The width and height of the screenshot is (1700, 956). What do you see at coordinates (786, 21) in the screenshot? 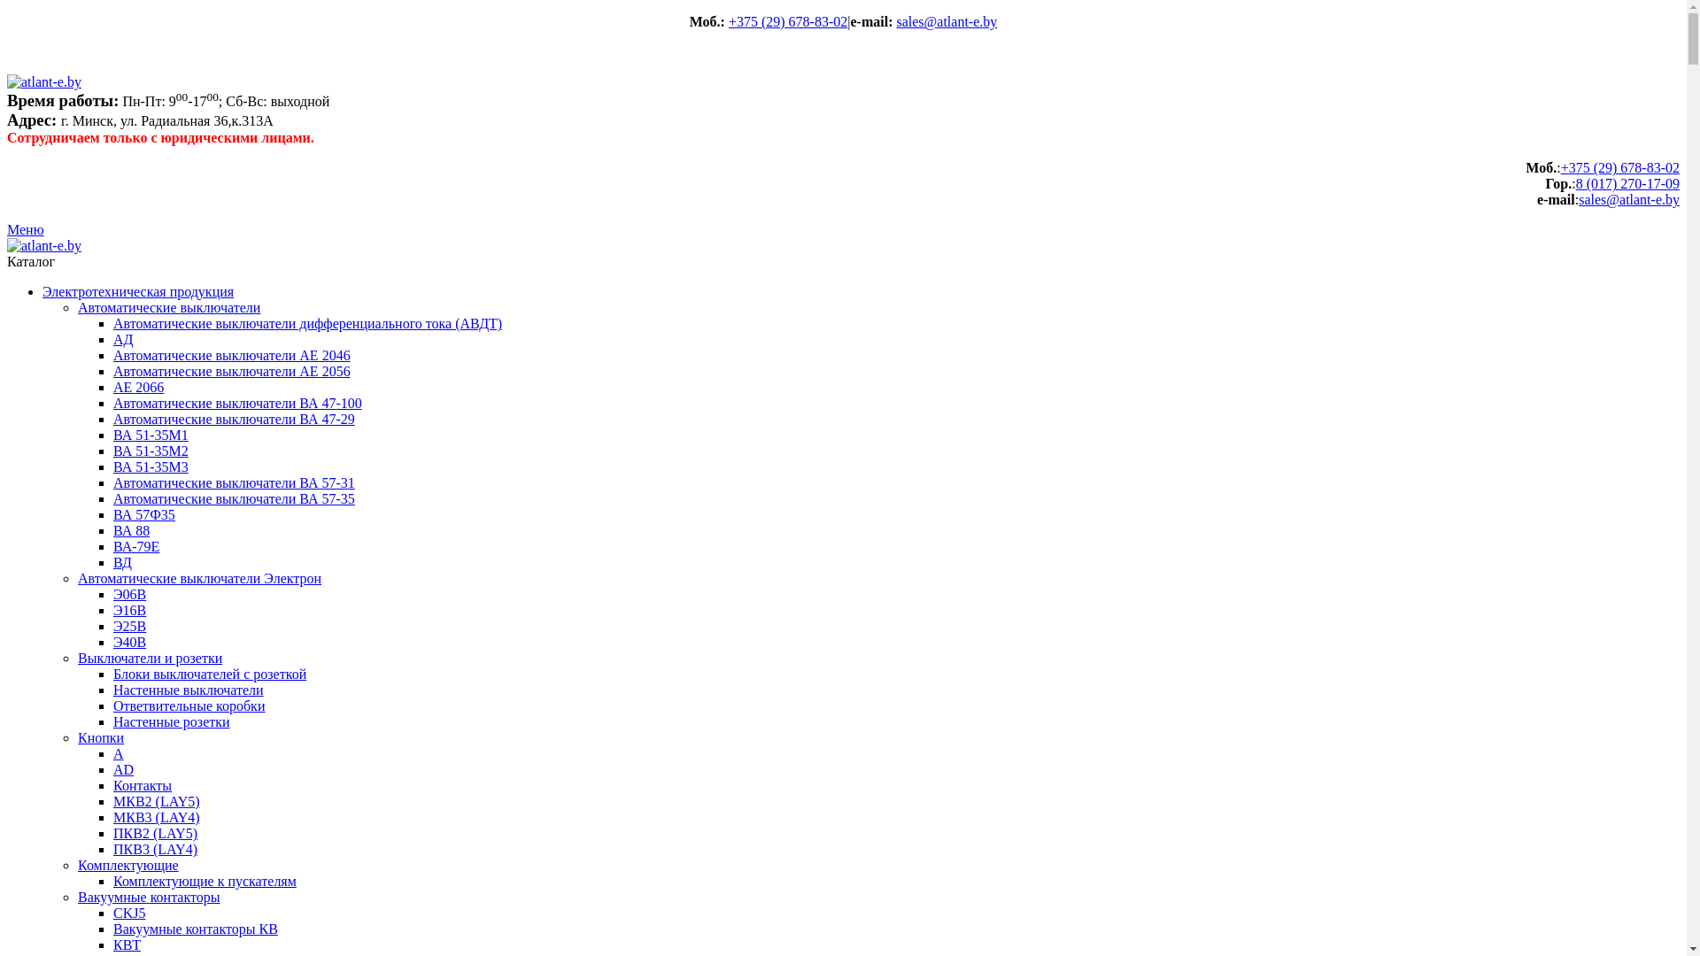
I see `'+375 (29) 678-83-02'` at bounding box center [786, 21].